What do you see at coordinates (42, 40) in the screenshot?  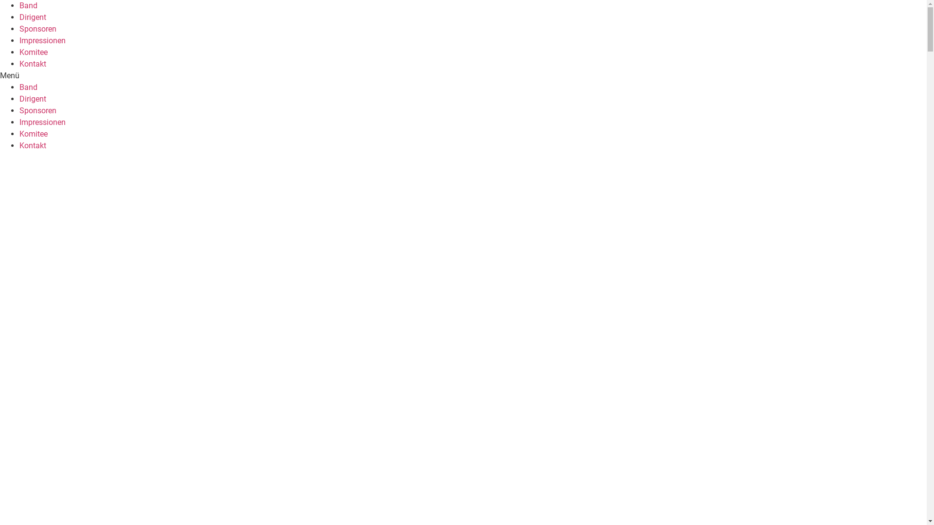 I see `'Impressionen'` at bounding box center [42, 40].